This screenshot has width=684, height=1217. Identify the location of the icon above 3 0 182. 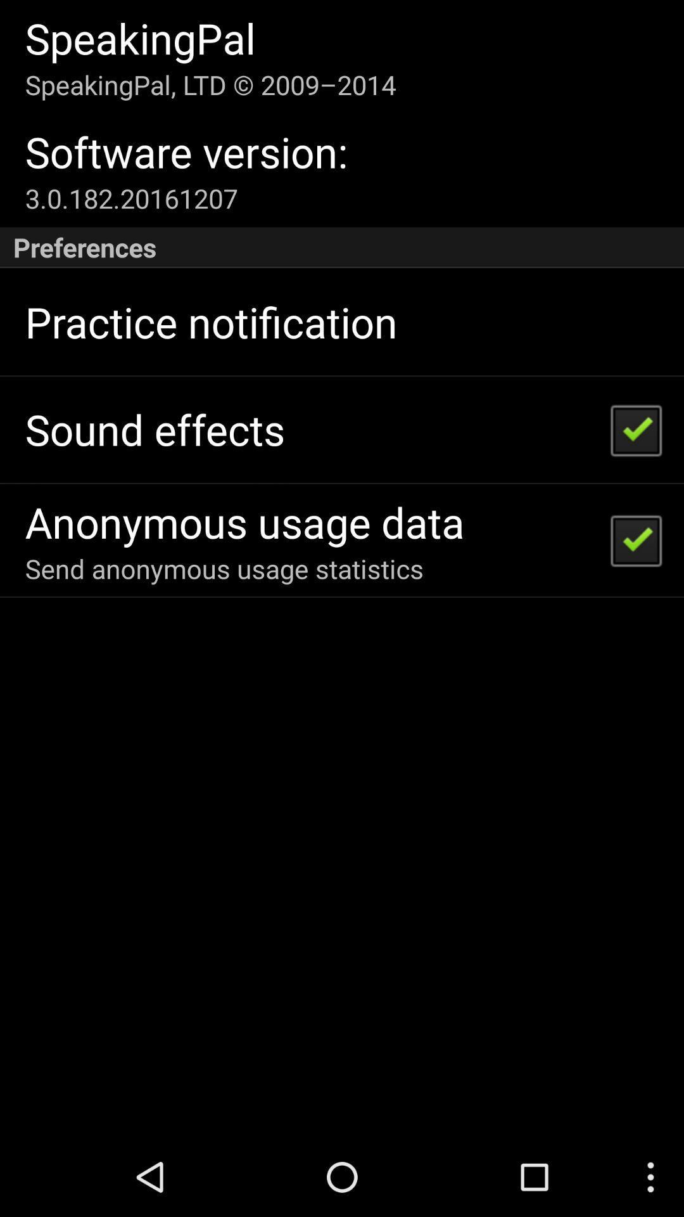
(186, 151).